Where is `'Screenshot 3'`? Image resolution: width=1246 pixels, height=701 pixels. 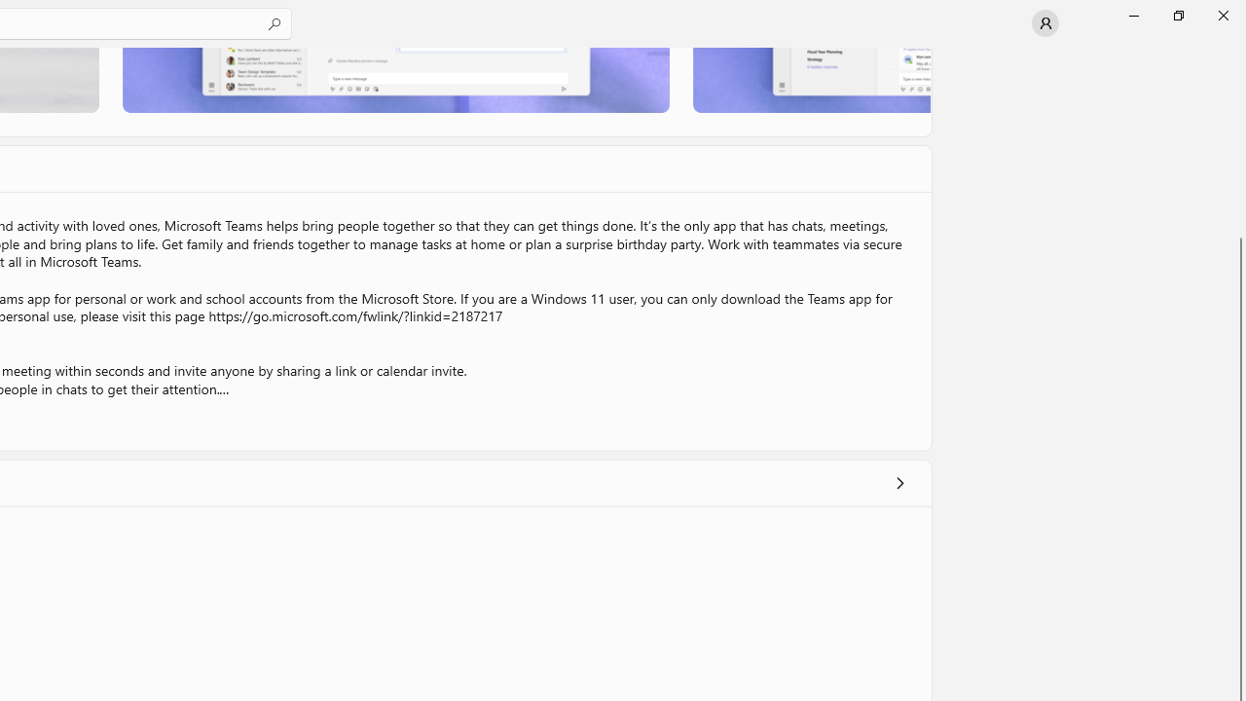
'Screenshot 3' is located at coordinates (811, 79).